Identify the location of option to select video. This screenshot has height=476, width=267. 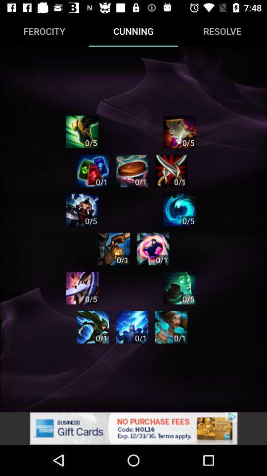
(113, 248).